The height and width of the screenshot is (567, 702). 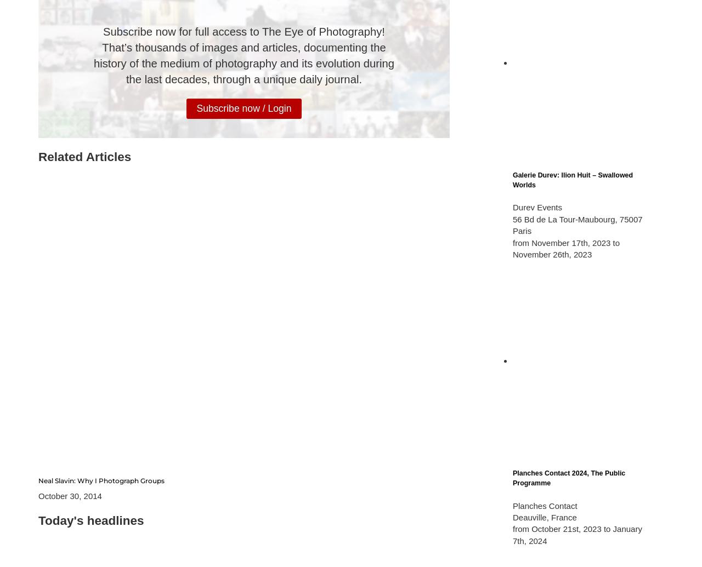 What do you see at coordinates (38, 480) in the screenshot?
I see `'Neal Slavin: Why I Photograph Groups'` at bounding box center [38, 480].